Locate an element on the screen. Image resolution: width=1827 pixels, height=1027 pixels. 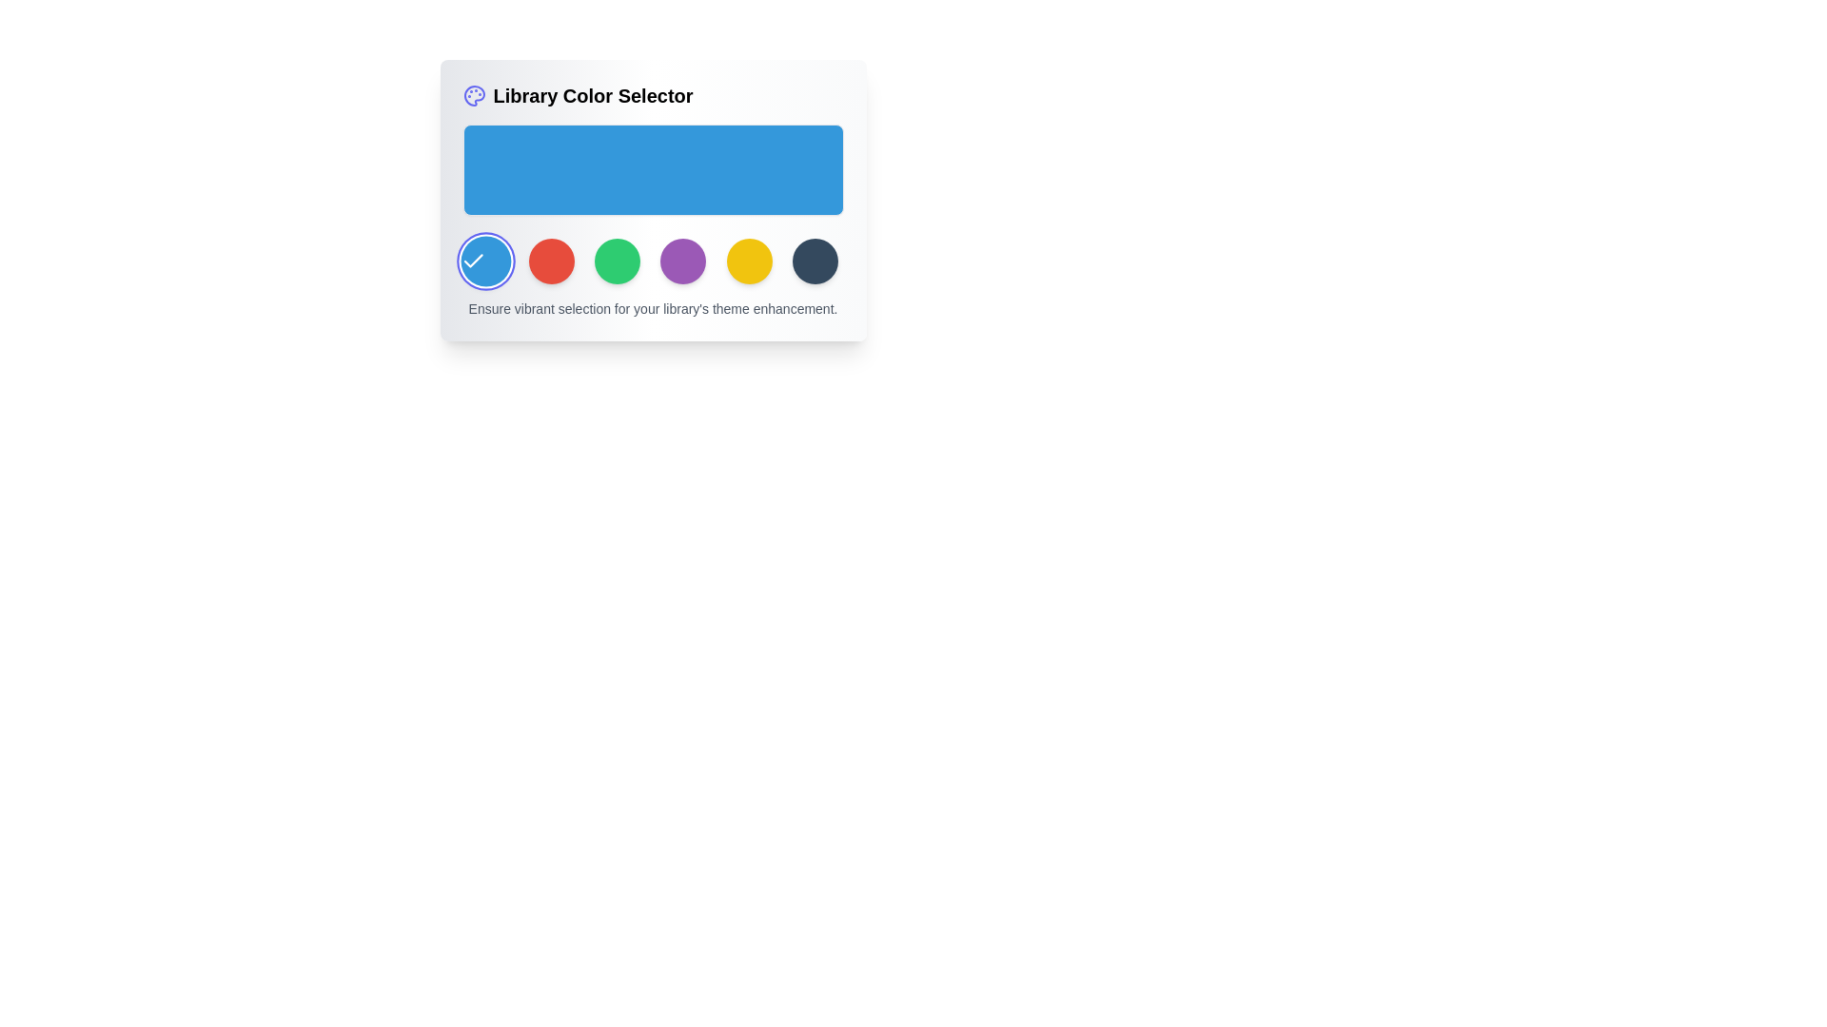
guidance text label located at the bottom of the 'Library Color Selector' card component, positioned directly below the interactive circular colored buttons is located at coordinates (653, 307).